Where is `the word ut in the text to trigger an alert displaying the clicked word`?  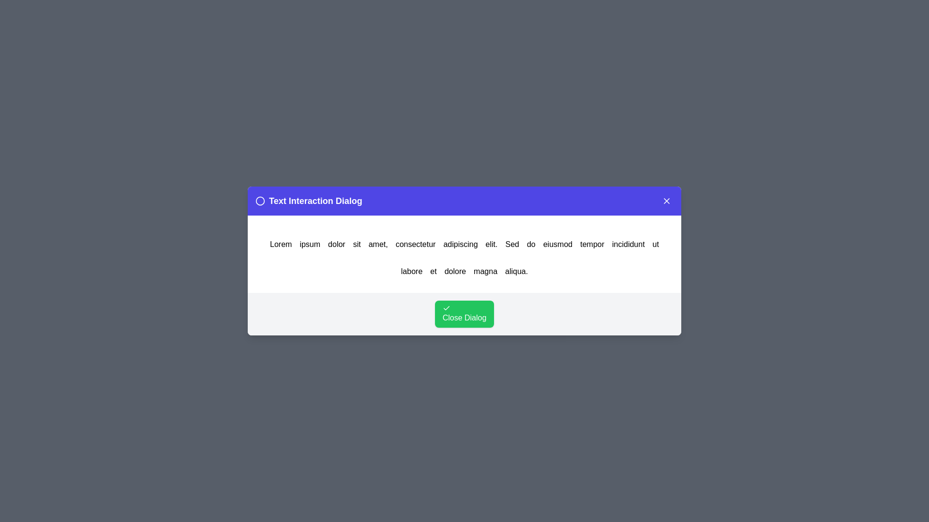
the word ut in the text to trigger an alert displaying the clicked word is located at coordinates (655, 244).